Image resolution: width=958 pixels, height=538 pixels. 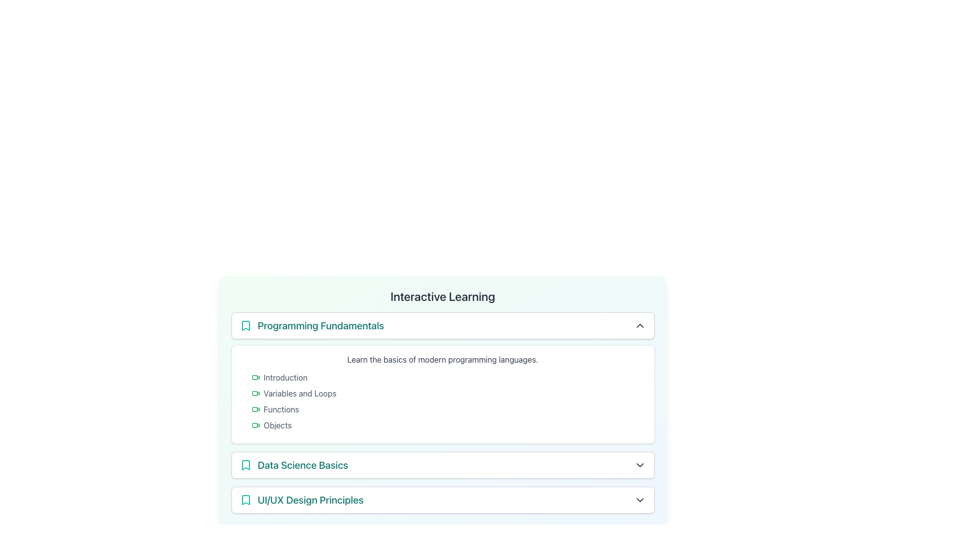 What do you see at coordinates (245, 500) in the screenshot?
I see `the bookmark icon, which is a teal outlined motif located to the left of the text label 'UI/UX Design Principles'` at bounding box center [245, 500].